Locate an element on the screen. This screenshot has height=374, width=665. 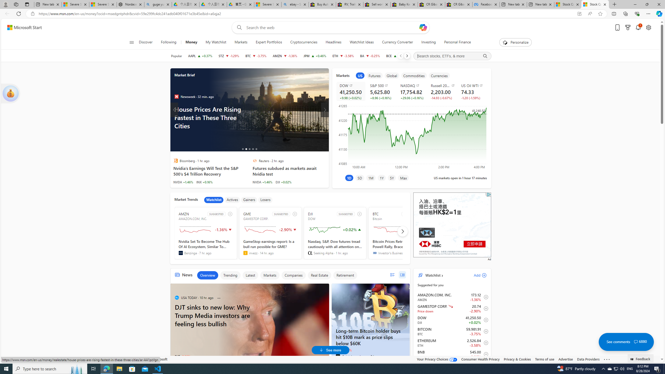
'US Oil WTI' is located at coordinates (473, 85).